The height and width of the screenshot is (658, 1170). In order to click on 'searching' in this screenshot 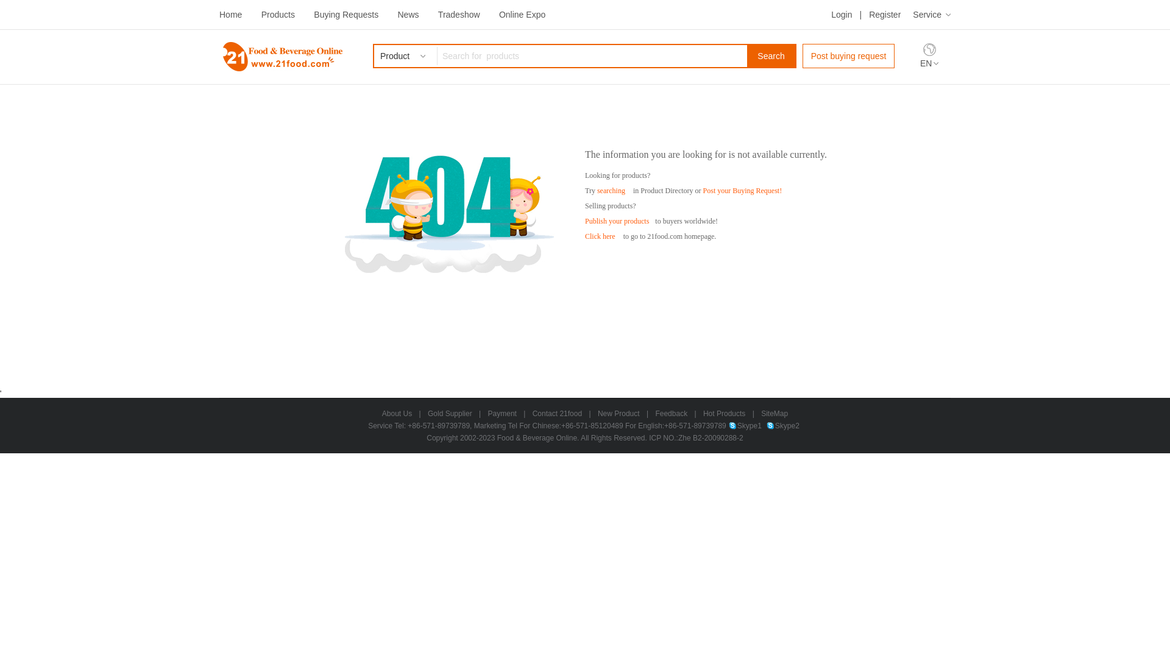, I will do `click(597, 190)`.